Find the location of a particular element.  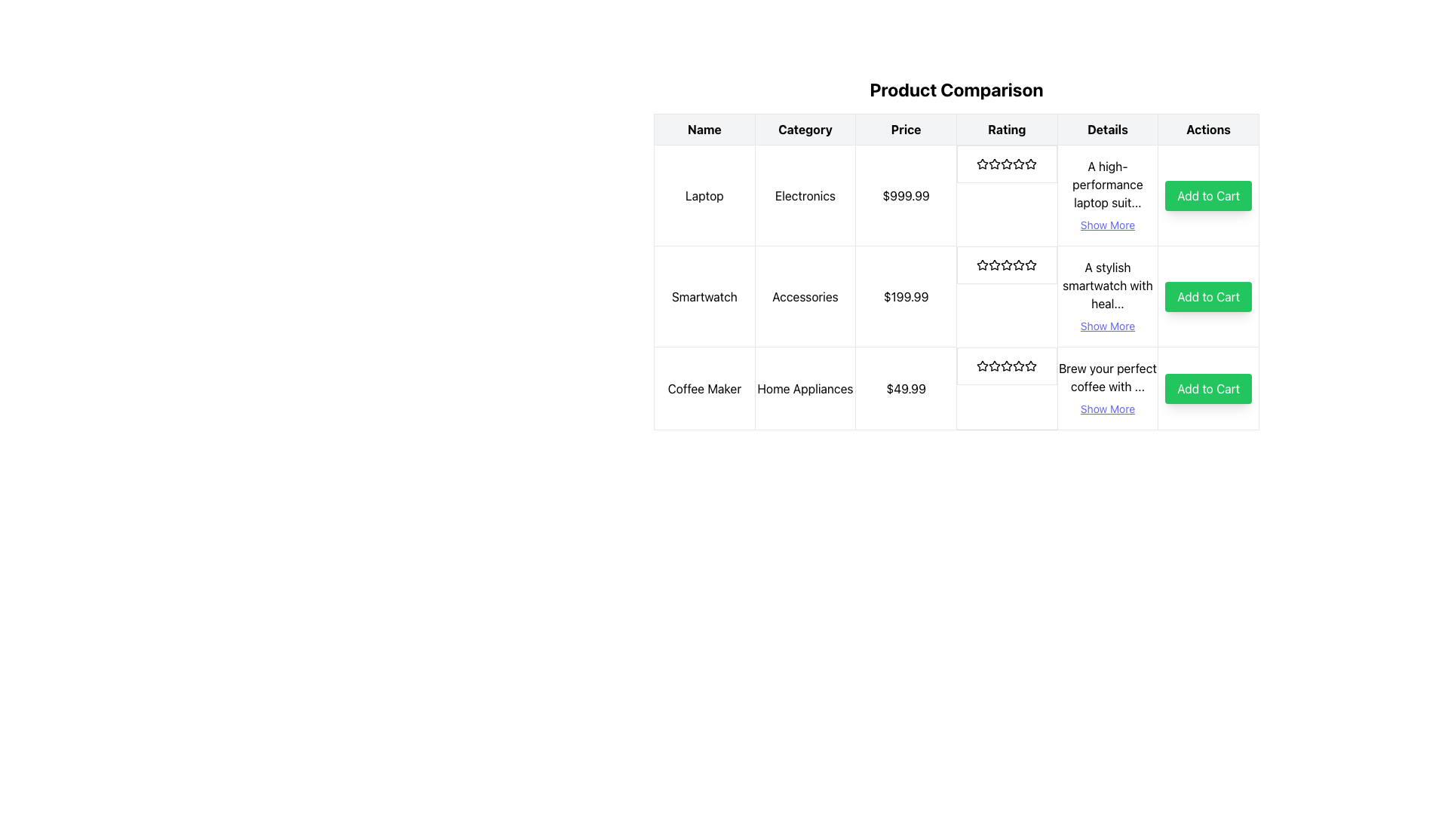

the third star icon in the rating column of the 'Smartwatch' product row to rate the product is located at coordinates (1030, 264).